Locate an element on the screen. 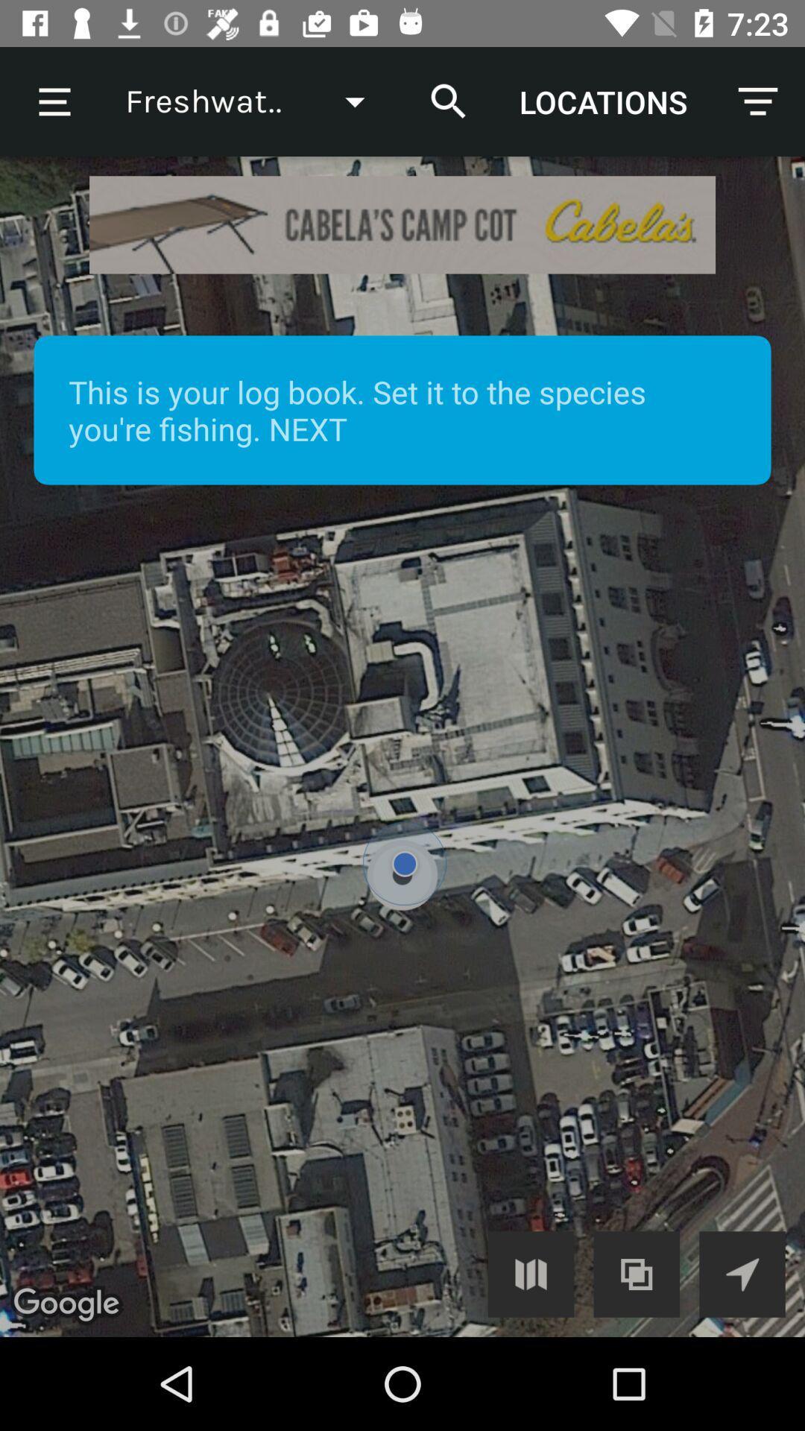  photos is located at coordinates (637, 1273).